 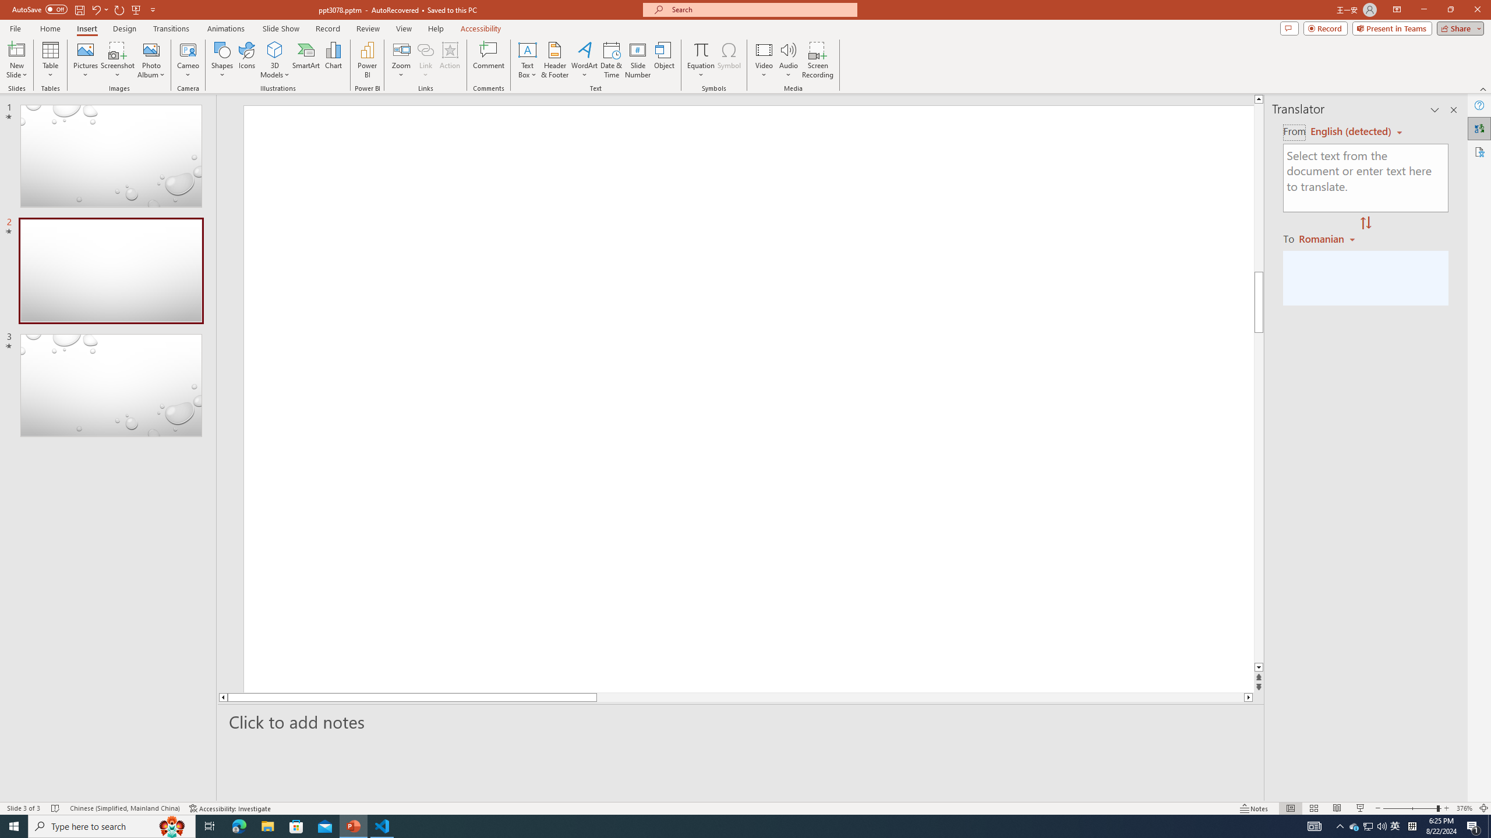 I want to click on 'Date & Time...', so click(x=610, y=60).